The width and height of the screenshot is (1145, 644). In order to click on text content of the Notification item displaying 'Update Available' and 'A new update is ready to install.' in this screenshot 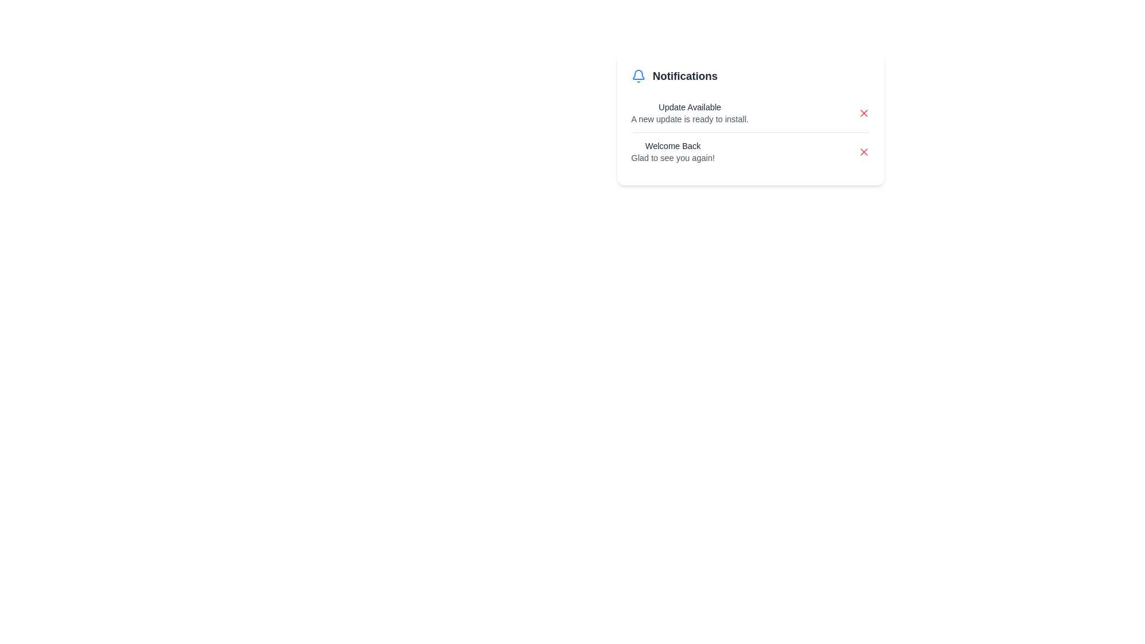, I will do `click(689, 113)`.